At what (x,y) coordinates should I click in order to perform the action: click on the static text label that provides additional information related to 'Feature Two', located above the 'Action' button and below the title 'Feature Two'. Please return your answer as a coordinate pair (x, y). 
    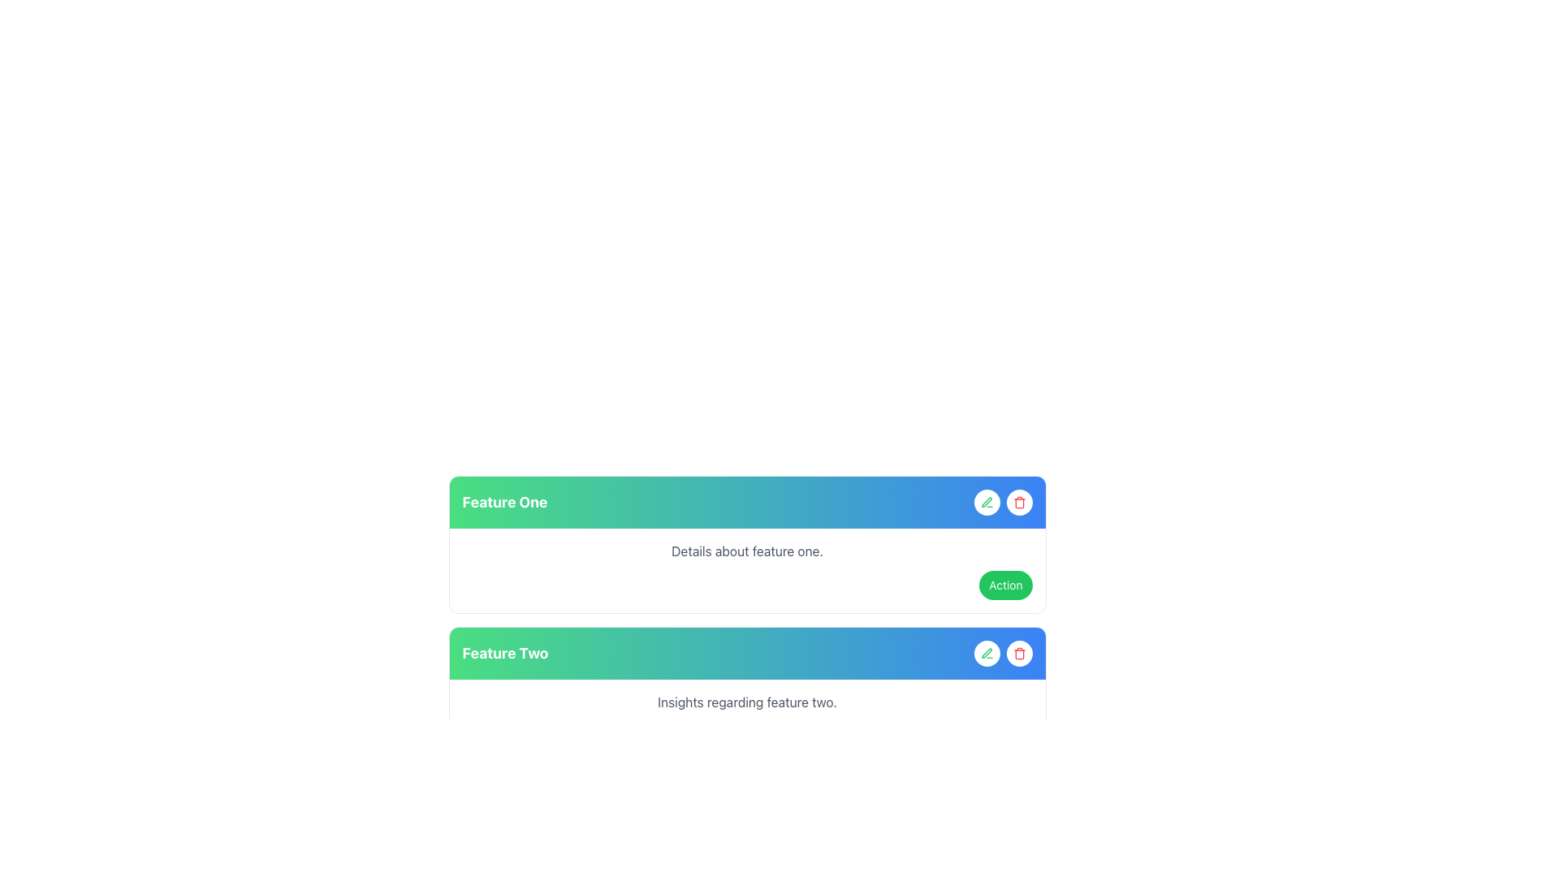
    Looking at the image, I should click on (746, 701).